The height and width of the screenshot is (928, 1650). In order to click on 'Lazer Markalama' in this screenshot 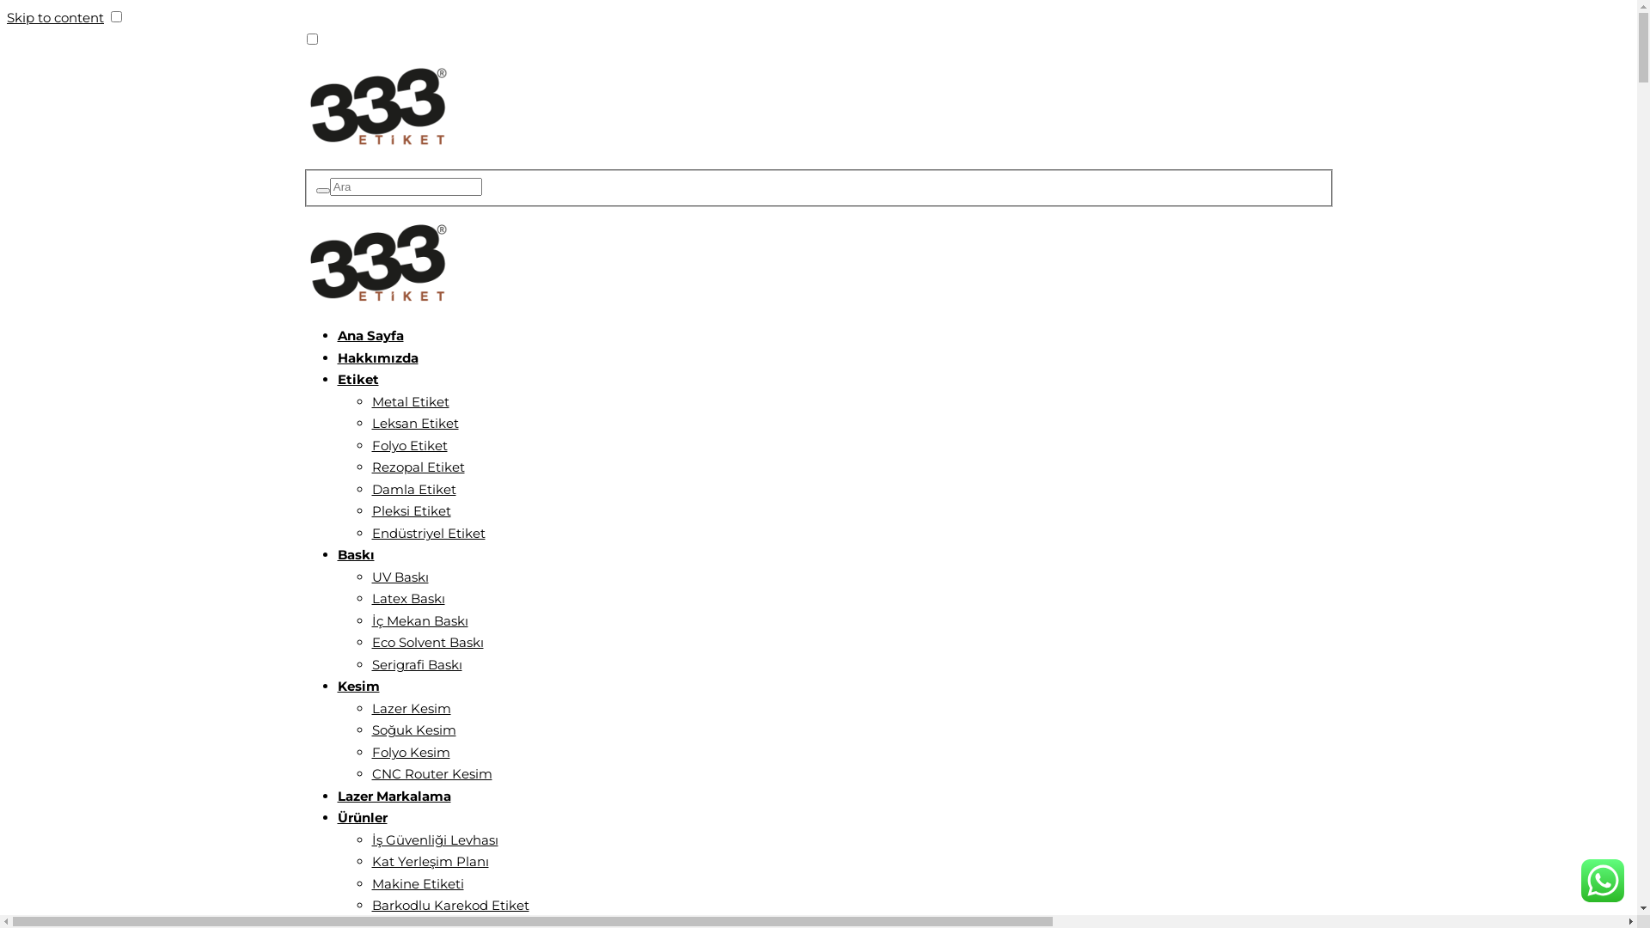, I will do `click(392, 796)`.